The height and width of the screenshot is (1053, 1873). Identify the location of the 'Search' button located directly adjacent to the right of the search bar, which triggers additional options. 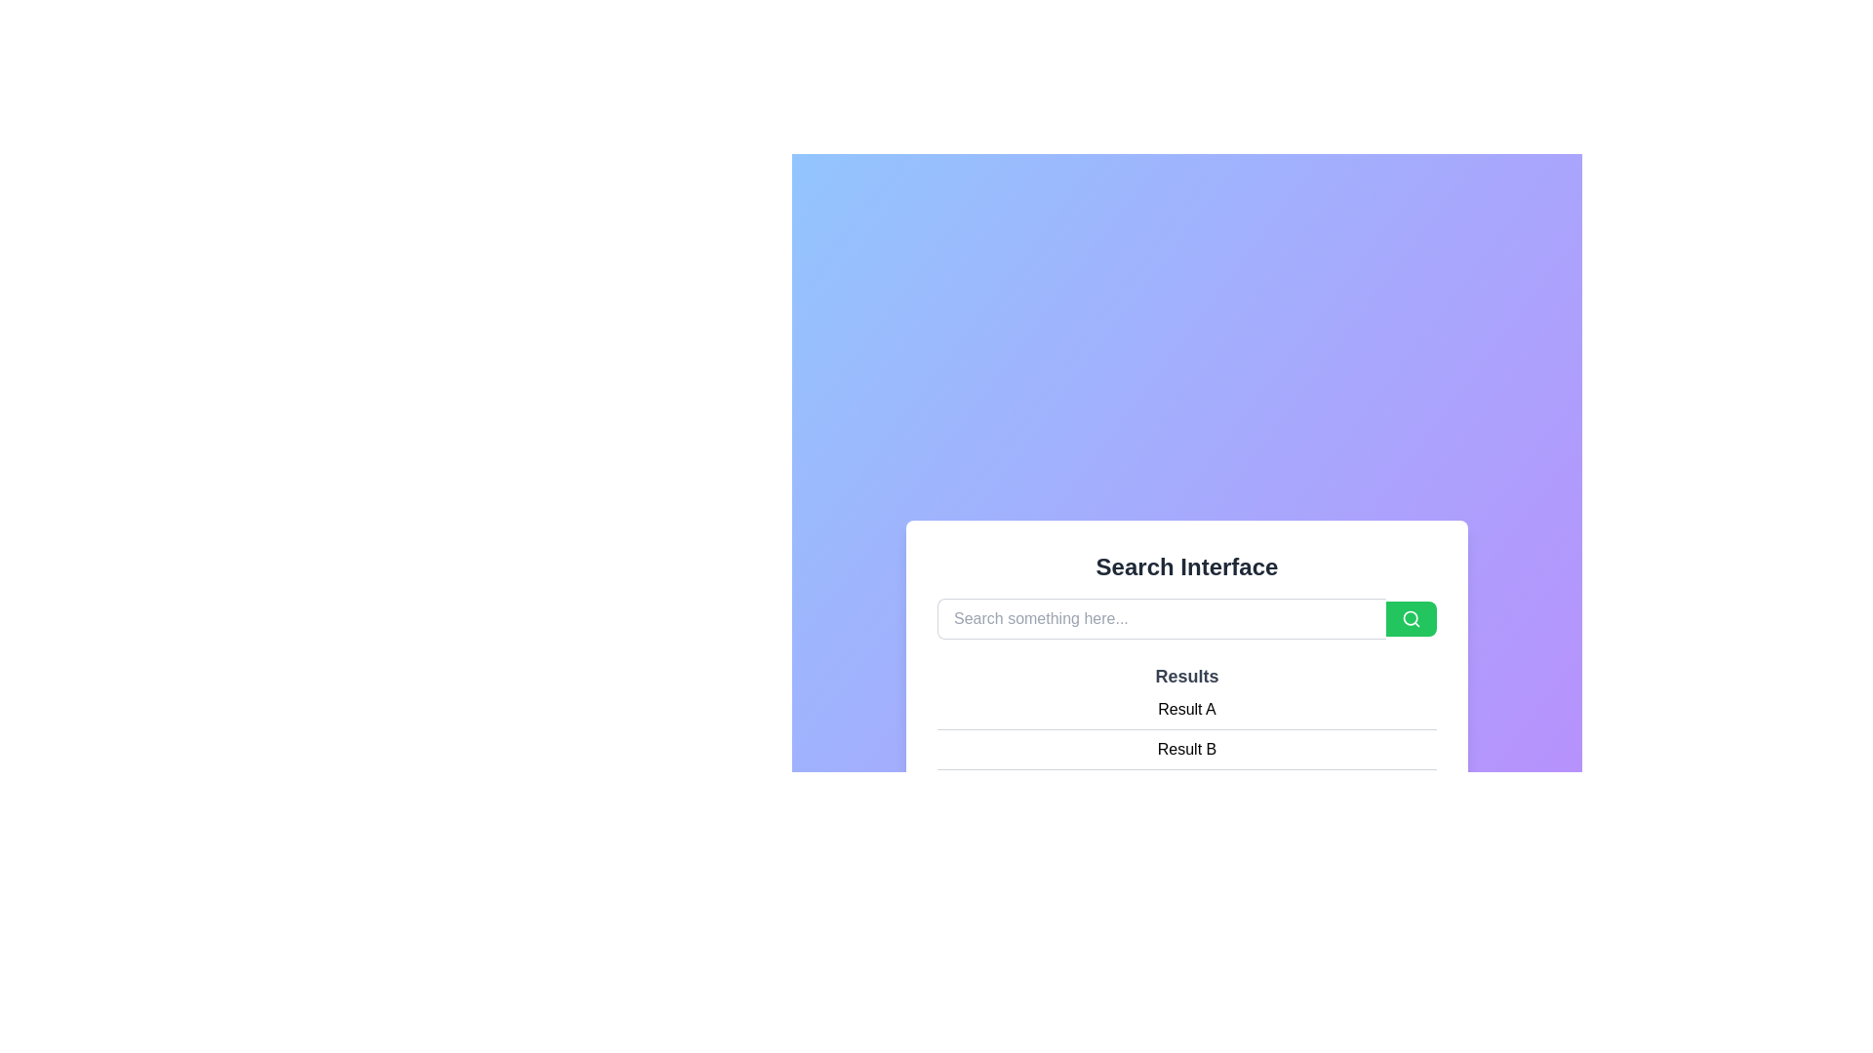
(1411, 619).